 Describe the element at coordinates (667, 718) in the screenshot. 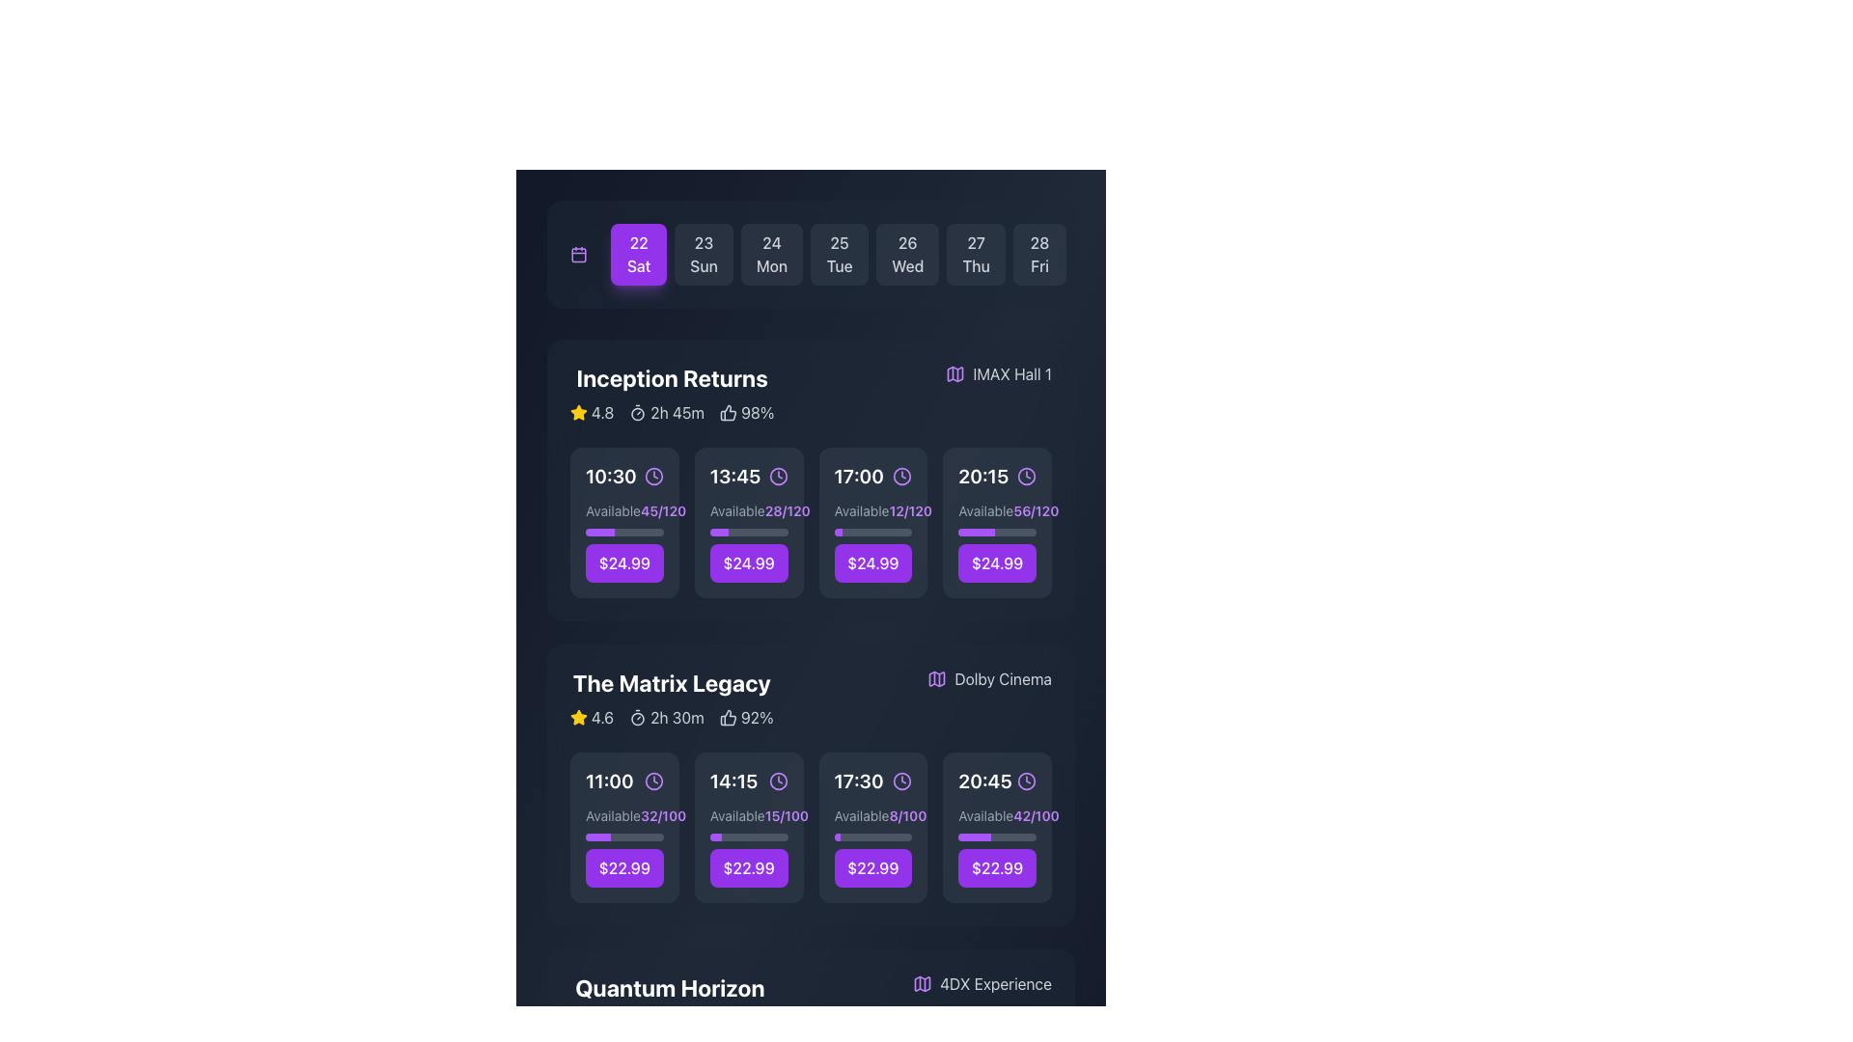

I see `the duration label element, which consists of an icon and a text label, located under 'The Matrix Legacy' title, between the movie rating and percentage approval` at that location.